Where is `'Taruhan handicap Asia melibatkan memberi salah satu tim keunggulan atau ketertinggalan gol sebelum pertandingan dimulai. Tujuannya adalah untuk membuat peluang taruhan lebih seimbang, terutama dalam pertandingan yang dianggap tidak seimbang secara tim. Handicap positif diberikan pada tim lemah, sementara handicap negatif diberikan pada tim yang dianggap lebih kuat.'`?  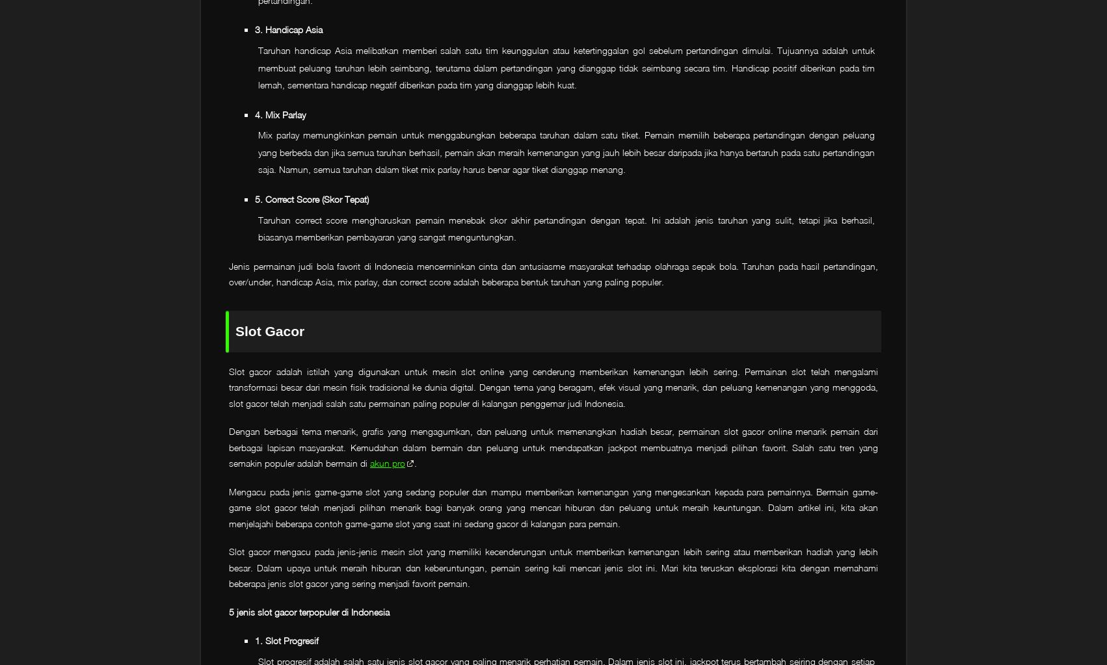
'Taruhan handicap Asia melibatkan memberi salah satu tim keunggulan atau ketertinggalan gol sebelum pertandingan dimulai. Tujuannya adalah untuk membuat peluang taruhan lebih seimbang, terutama dalam pertandingan yang dianggap tidak seimbang secara tim. Handicap positif diberikan pada tim lemah, sementara handicap negatif diberikan pada tim yang dianggap lebih kuat.' is located at coordinates (567, 67).